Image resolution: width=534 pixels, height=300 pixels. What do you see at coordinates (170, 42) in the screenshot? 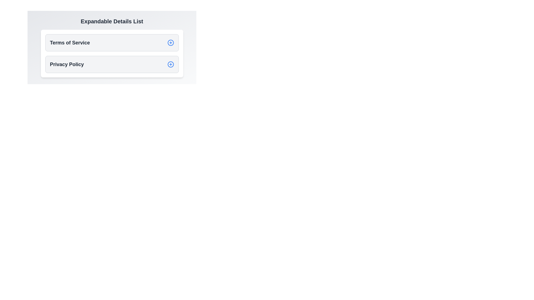
I see `the circular SVG element that represents the base structure of the plus icon in the 'Terms of Service' section` at bounding box center [170, 42].